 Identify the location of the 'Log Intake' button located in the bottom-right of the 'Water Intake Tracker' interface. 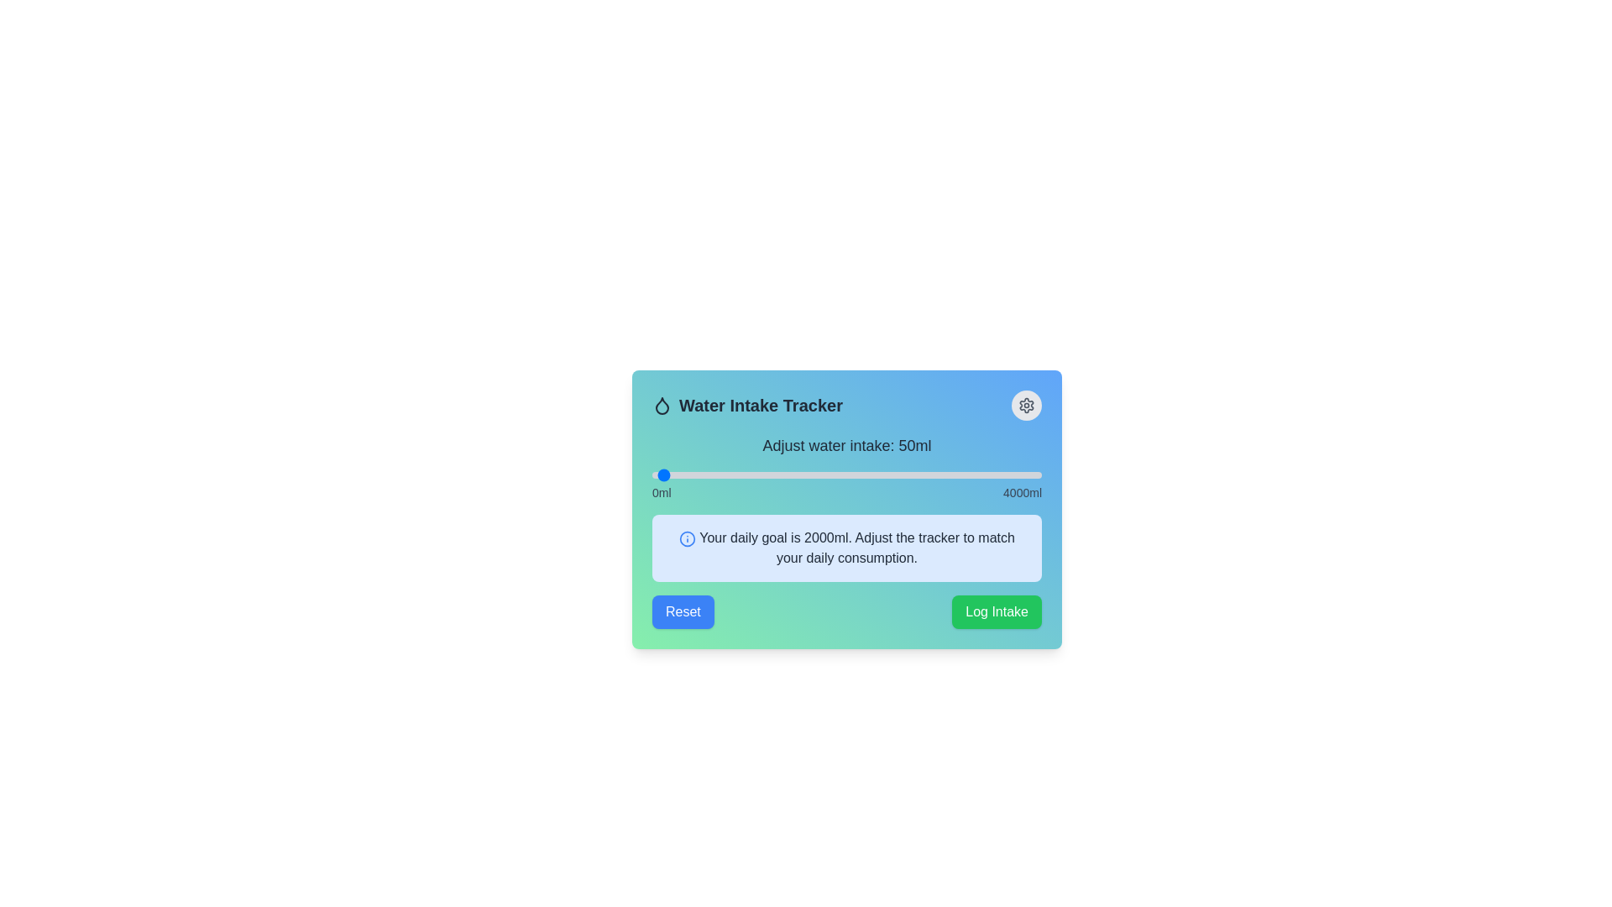
(997, 612).